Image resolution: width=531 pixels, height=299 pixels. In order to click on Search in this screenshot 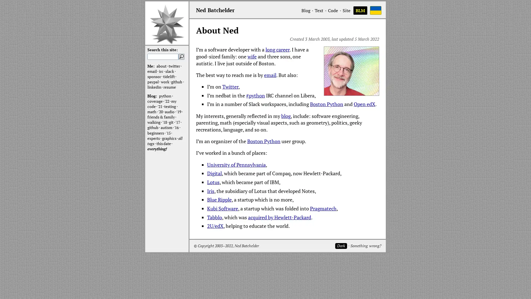, I will do `click(181, 56)`.